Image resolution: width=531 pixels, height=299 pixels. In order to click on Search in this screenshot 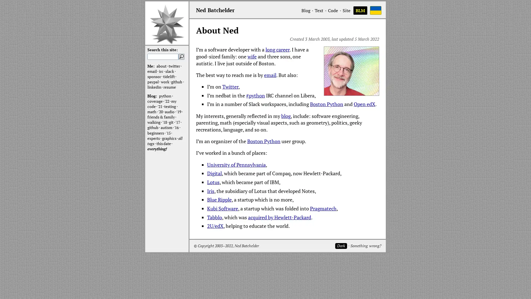, I will do `click(181, 56)`.